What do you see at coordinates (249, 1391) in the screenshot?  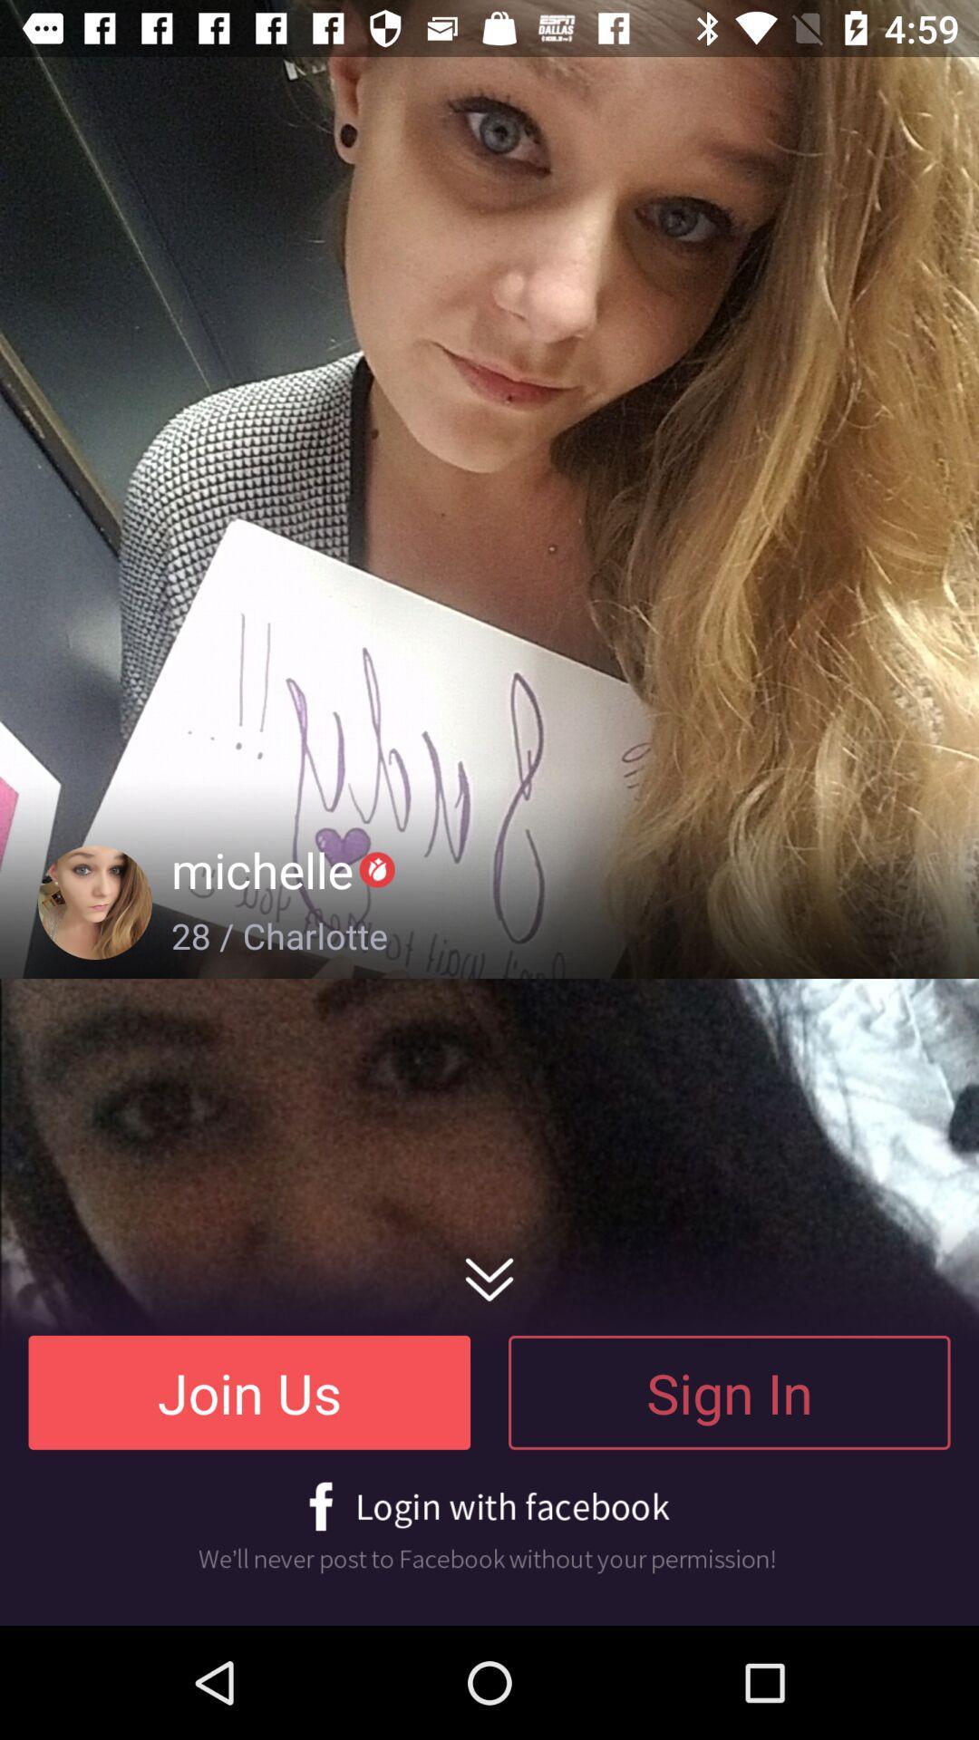 I see `the join us item` at bounding box center [249, 1391].